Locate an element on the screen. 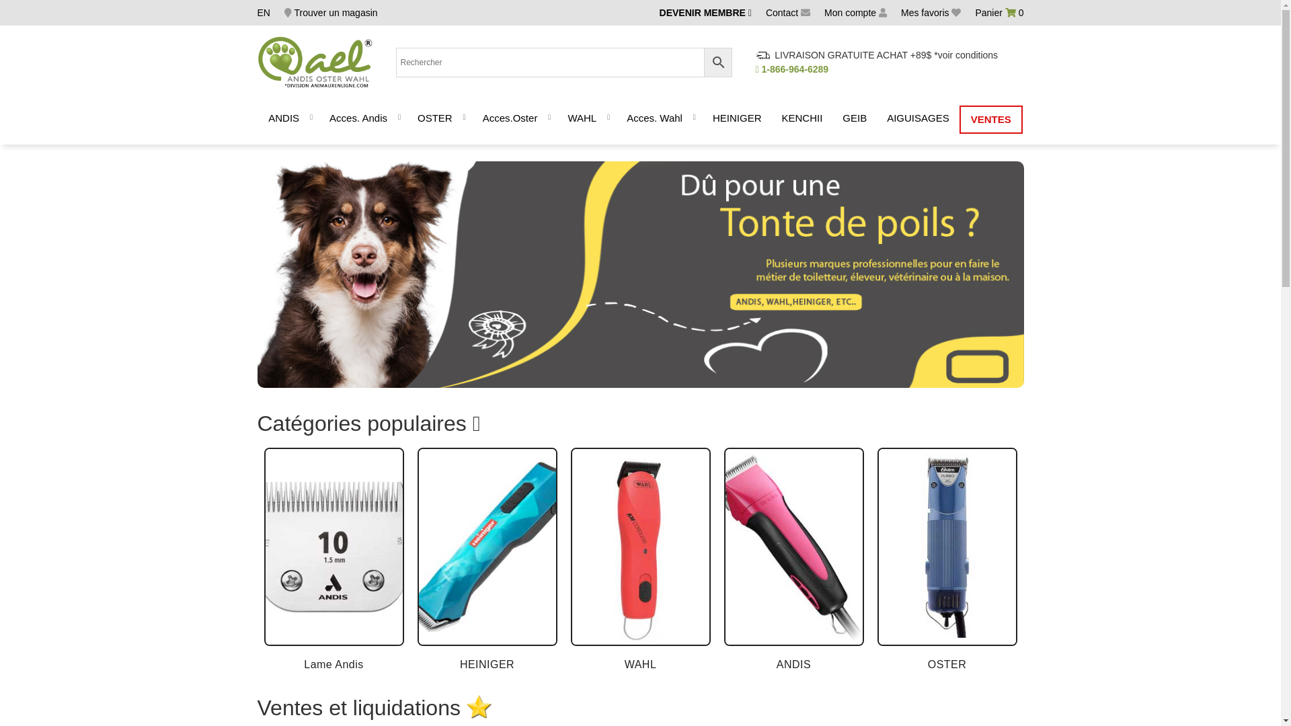 Image resolution: width=1291 pixels, height=726 pixels. 'ANDIS' is located at coordinates (793, 560).